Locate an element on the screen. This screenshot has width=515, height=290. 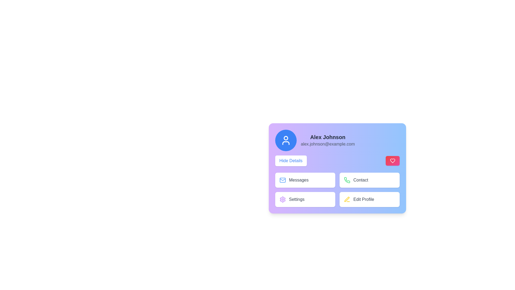
the circular graphical representation element that symbolizes the user's head in the avatar section of the profile picture is located at coordinates (285, 138).